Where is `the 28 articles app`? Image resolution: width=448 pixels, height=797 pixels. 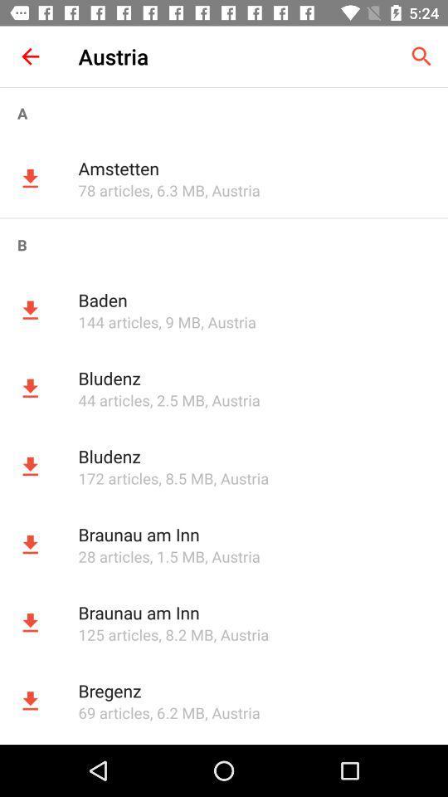
the 28 articles app is located at coordinates (113, 556).